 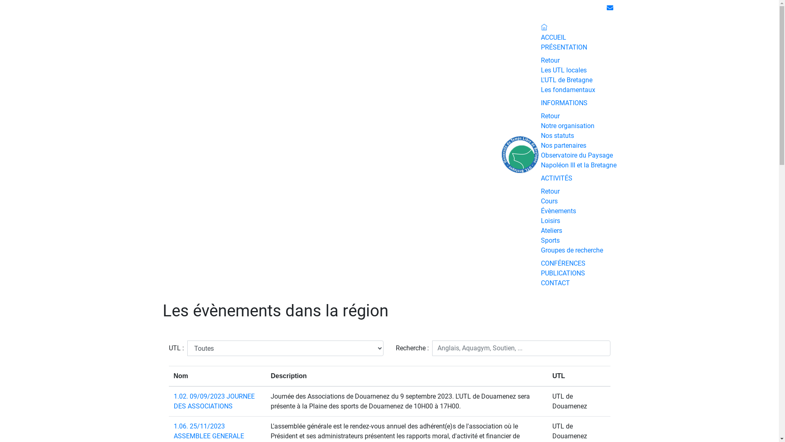 What do you see at coordinates (563, 70) in the screenshot?
I see `'Les UTL locales'` at bounding box center [563, 70].